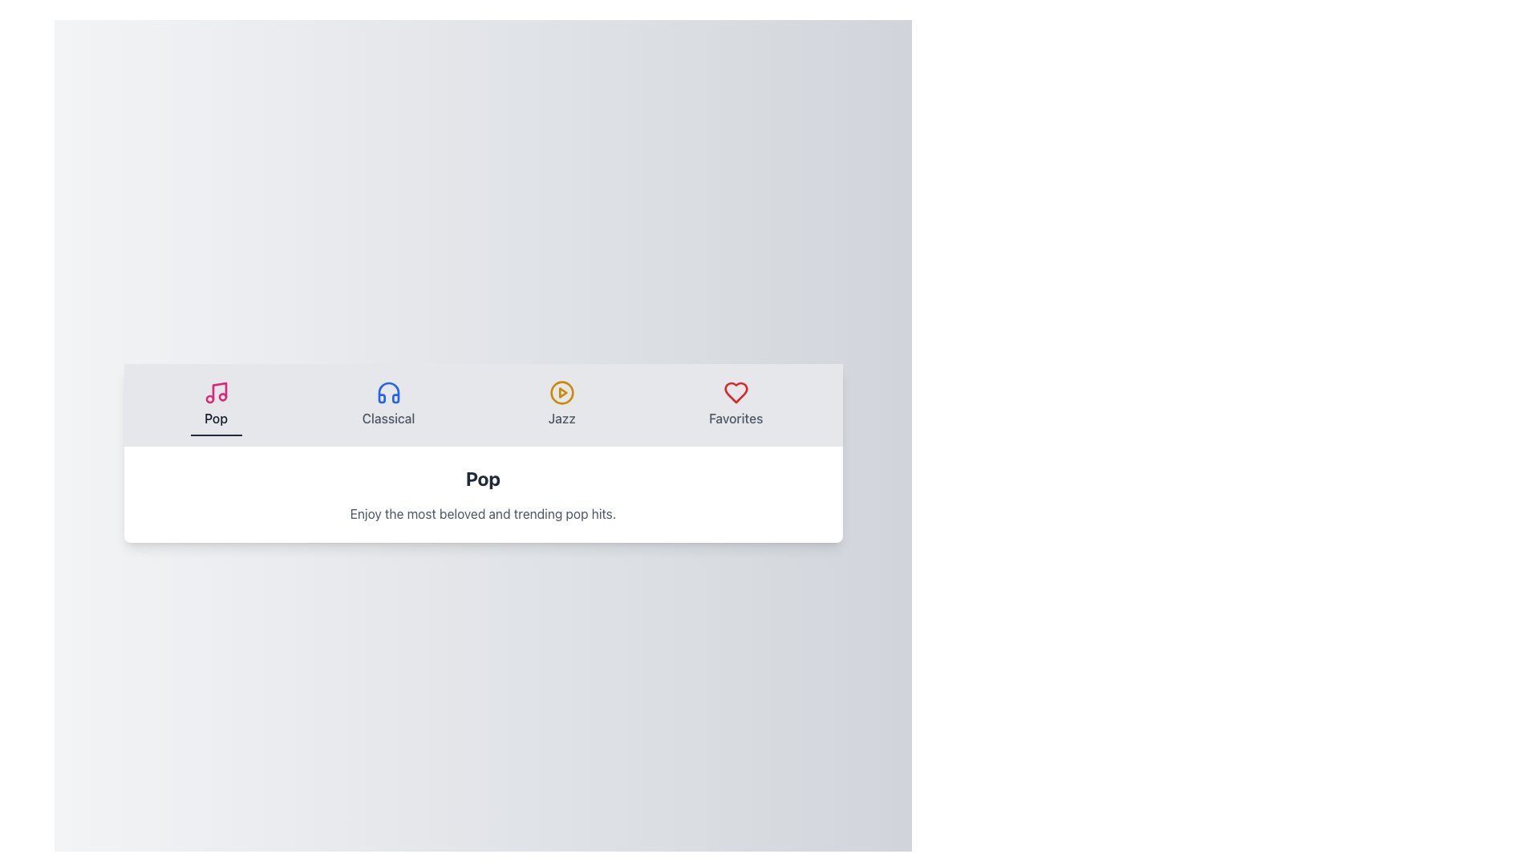 This screenshot has height=866, width=1540. I want to click on the heart icon representing the 'Favorites' option located on the rightmost side of the navigation bar, so click(735, 392).